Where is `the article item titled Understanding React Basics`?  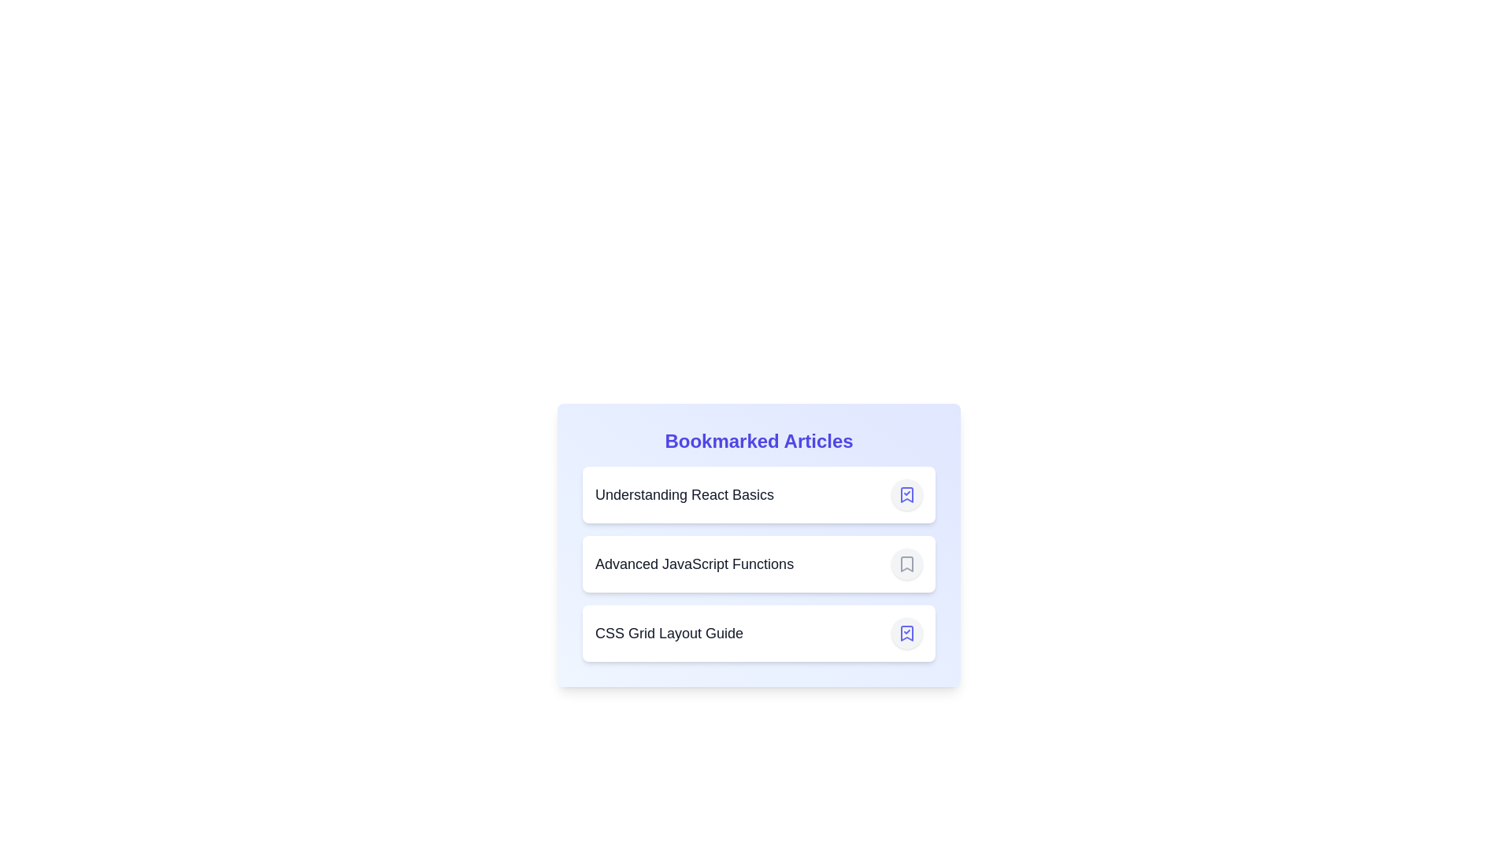
the article item titled Understanding React Basics is located at coordinates (759, 493).